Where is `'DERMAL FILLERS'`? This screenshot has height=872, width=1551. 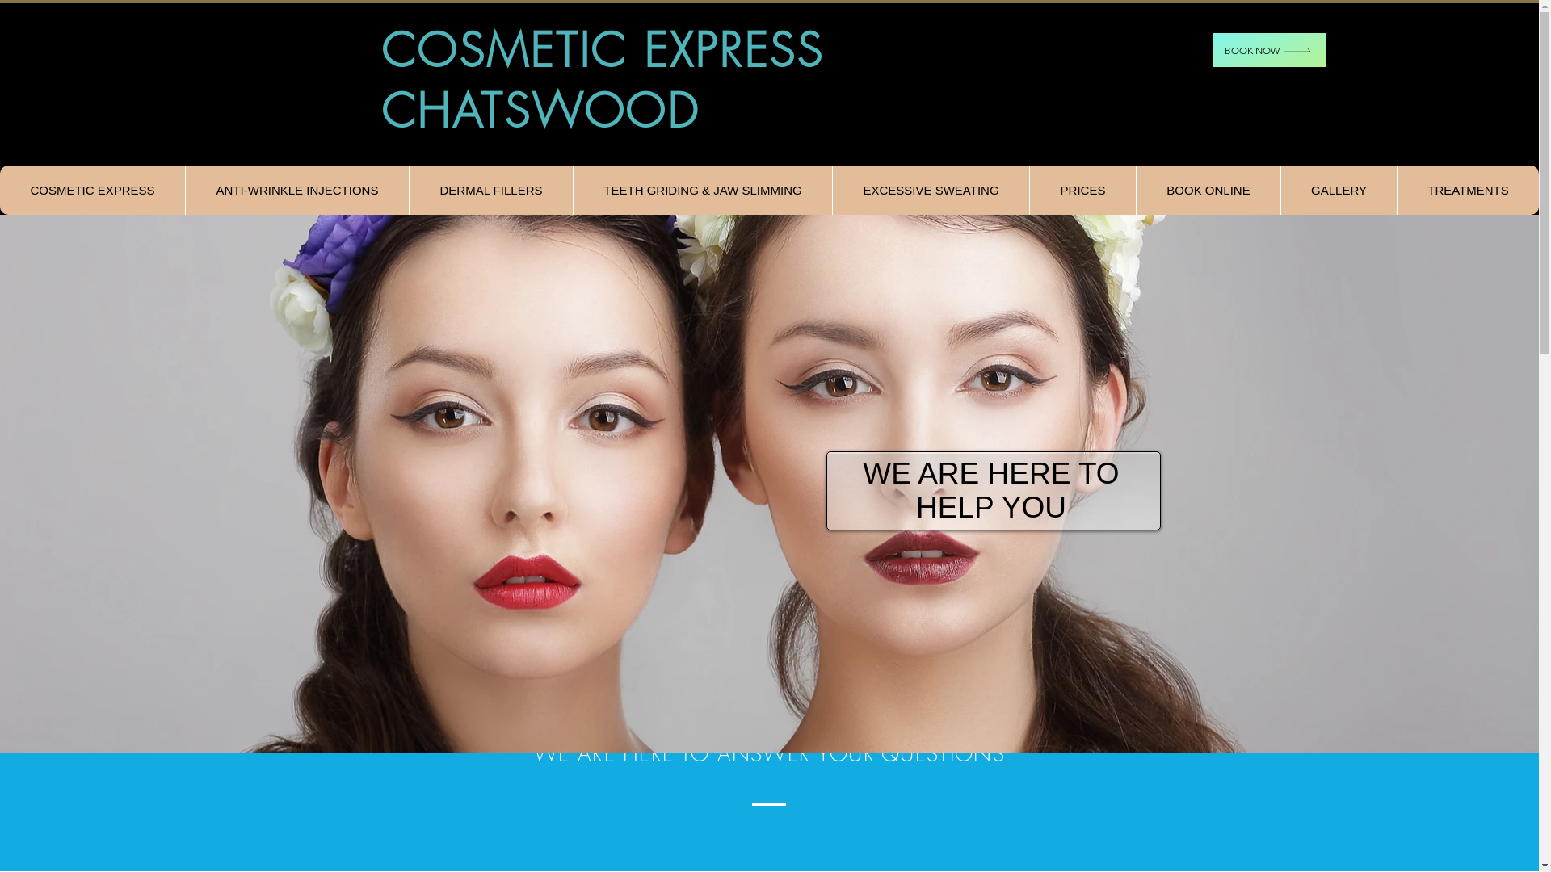 'DERMAL FILLERS' is located at coordinates (490, 189).